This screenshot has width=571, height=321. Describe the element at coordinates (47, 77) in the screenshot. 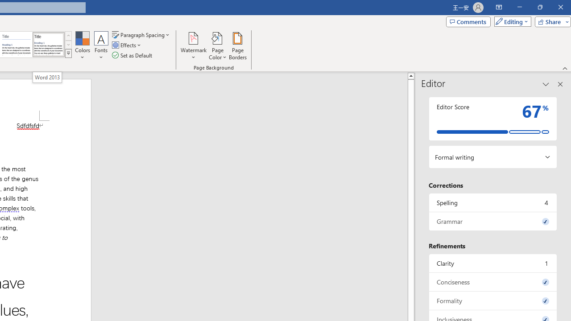

I see `'Word 2013'` at that location.